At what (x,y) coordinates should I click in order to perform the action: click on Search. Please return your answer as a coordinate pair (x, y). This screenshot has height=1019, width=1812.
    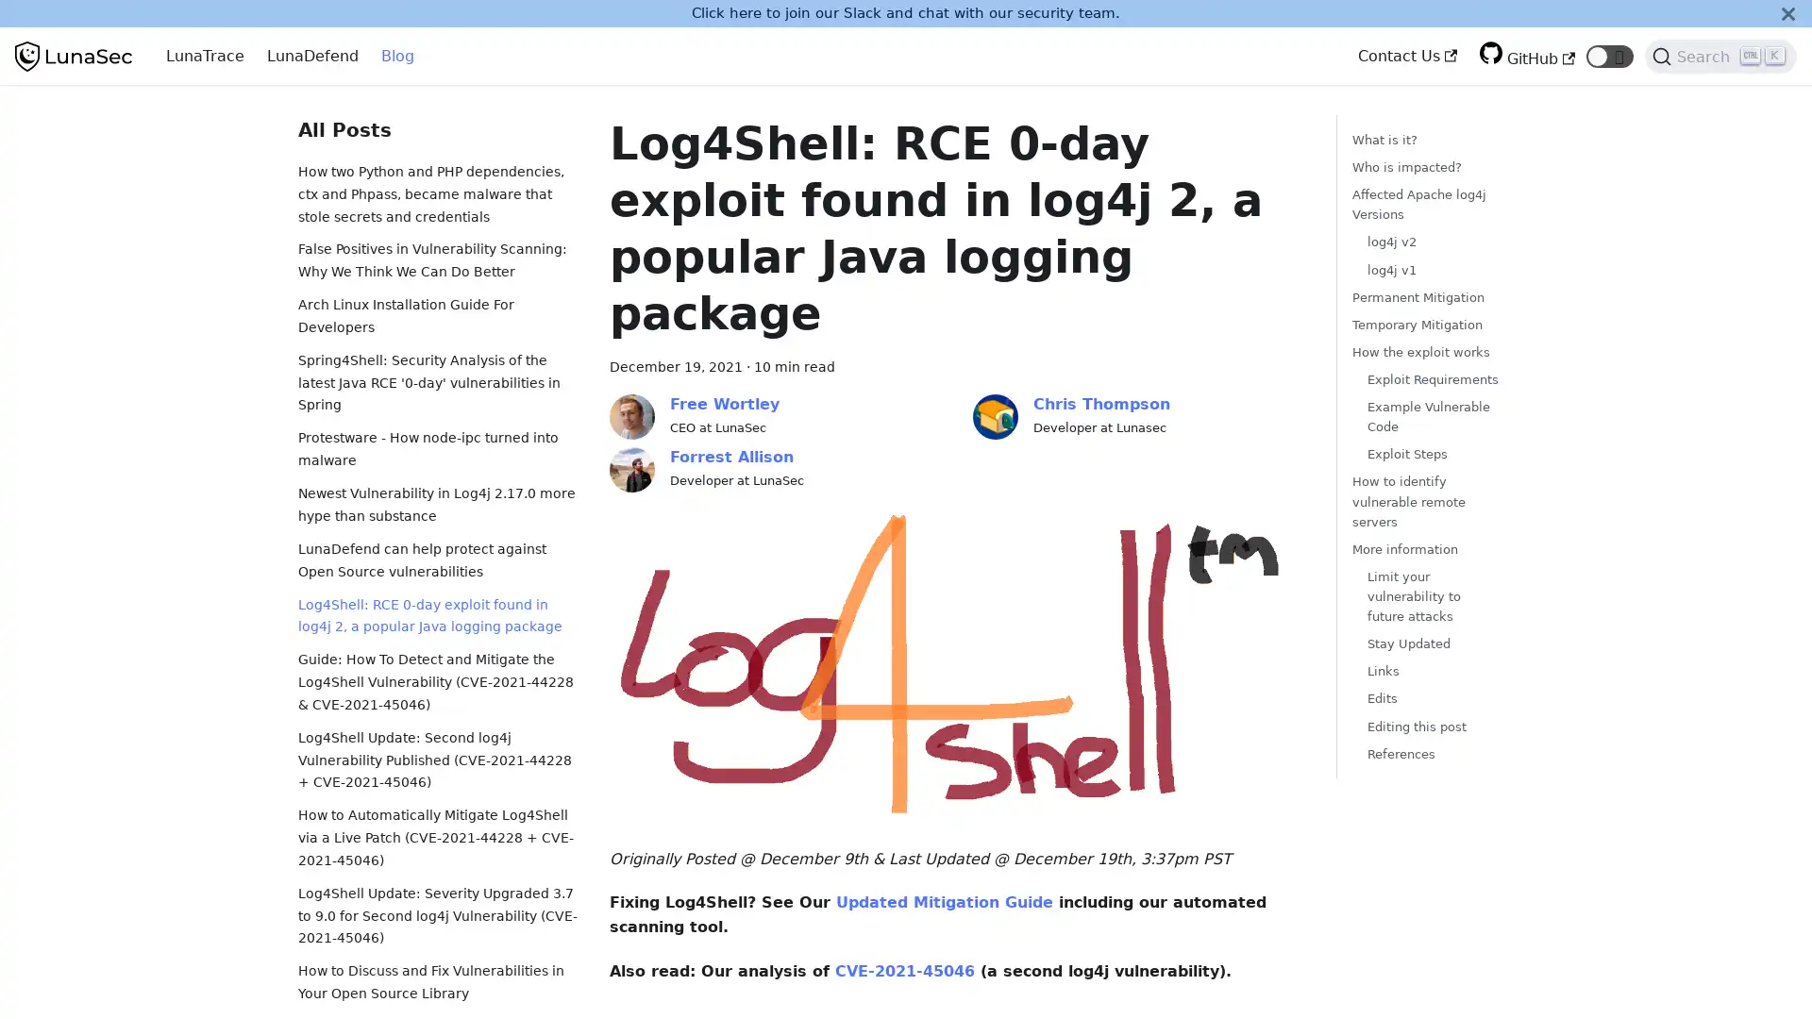
    Looking at the image, I should click on (1720, 56).